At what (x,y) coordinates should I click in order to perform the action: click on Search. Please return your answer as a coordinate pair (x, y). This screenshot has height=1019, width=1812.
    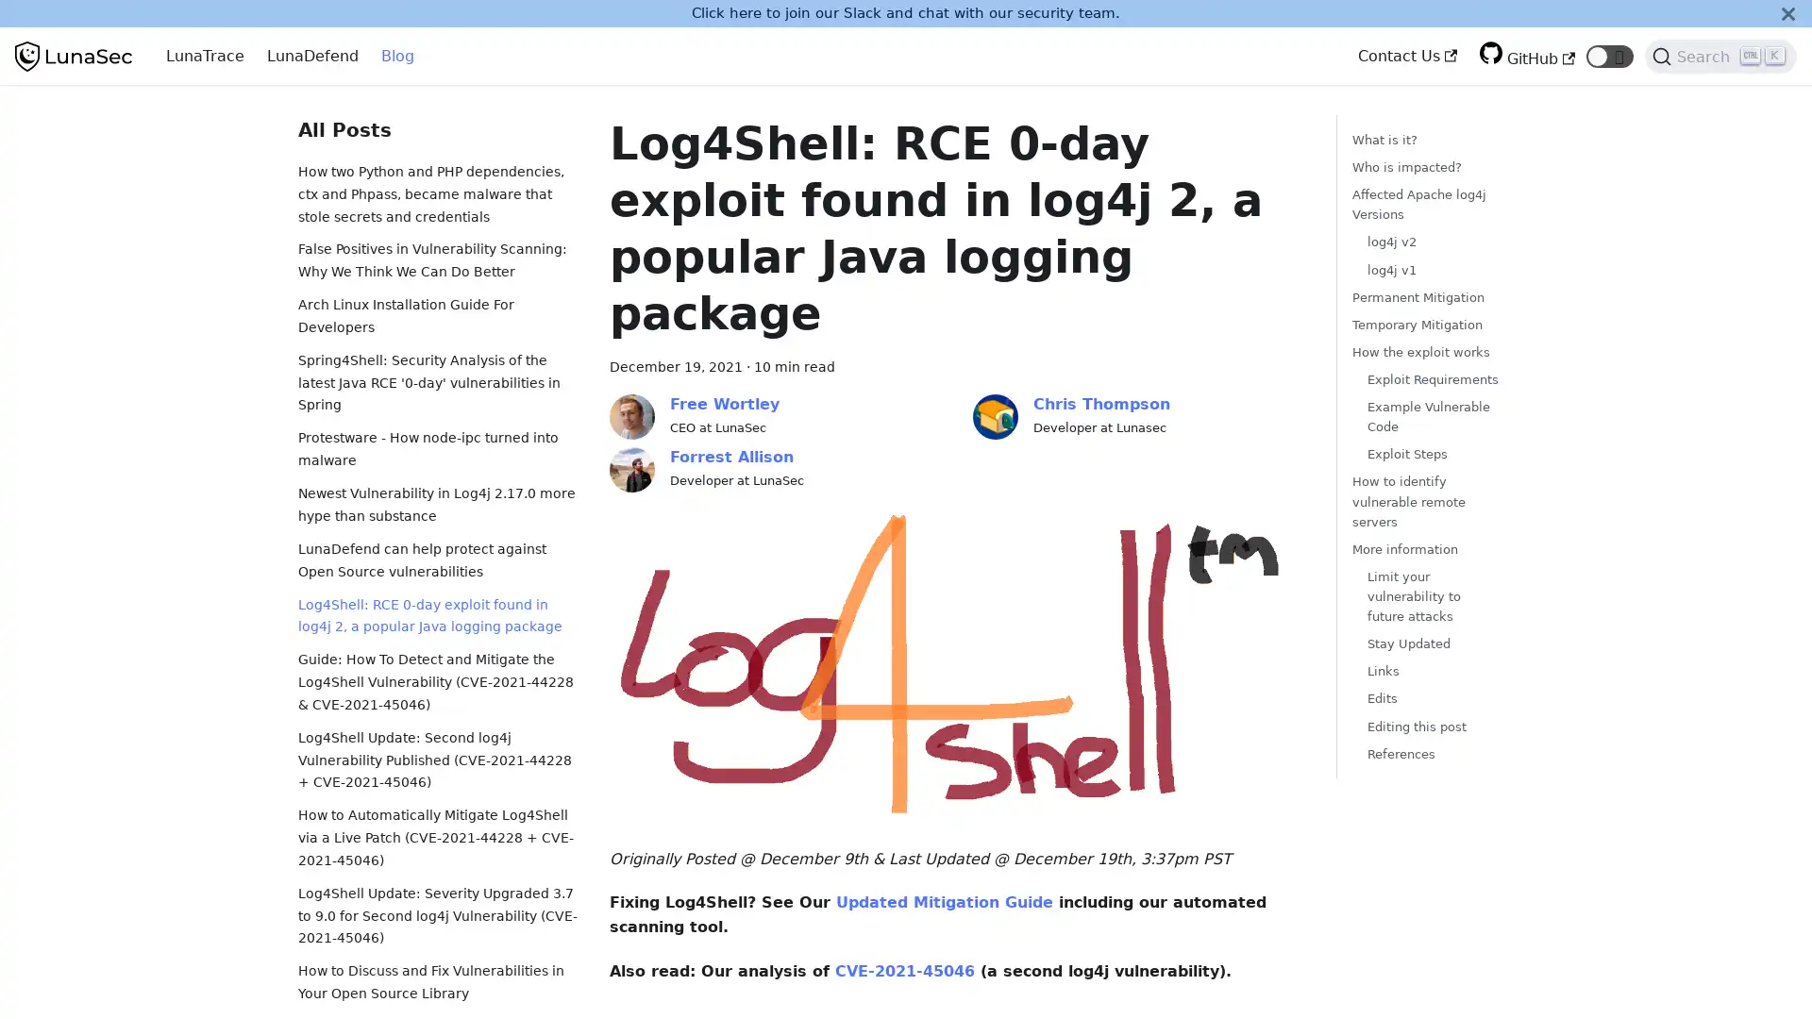
    Looking at the image, I should click on (1720, 56).